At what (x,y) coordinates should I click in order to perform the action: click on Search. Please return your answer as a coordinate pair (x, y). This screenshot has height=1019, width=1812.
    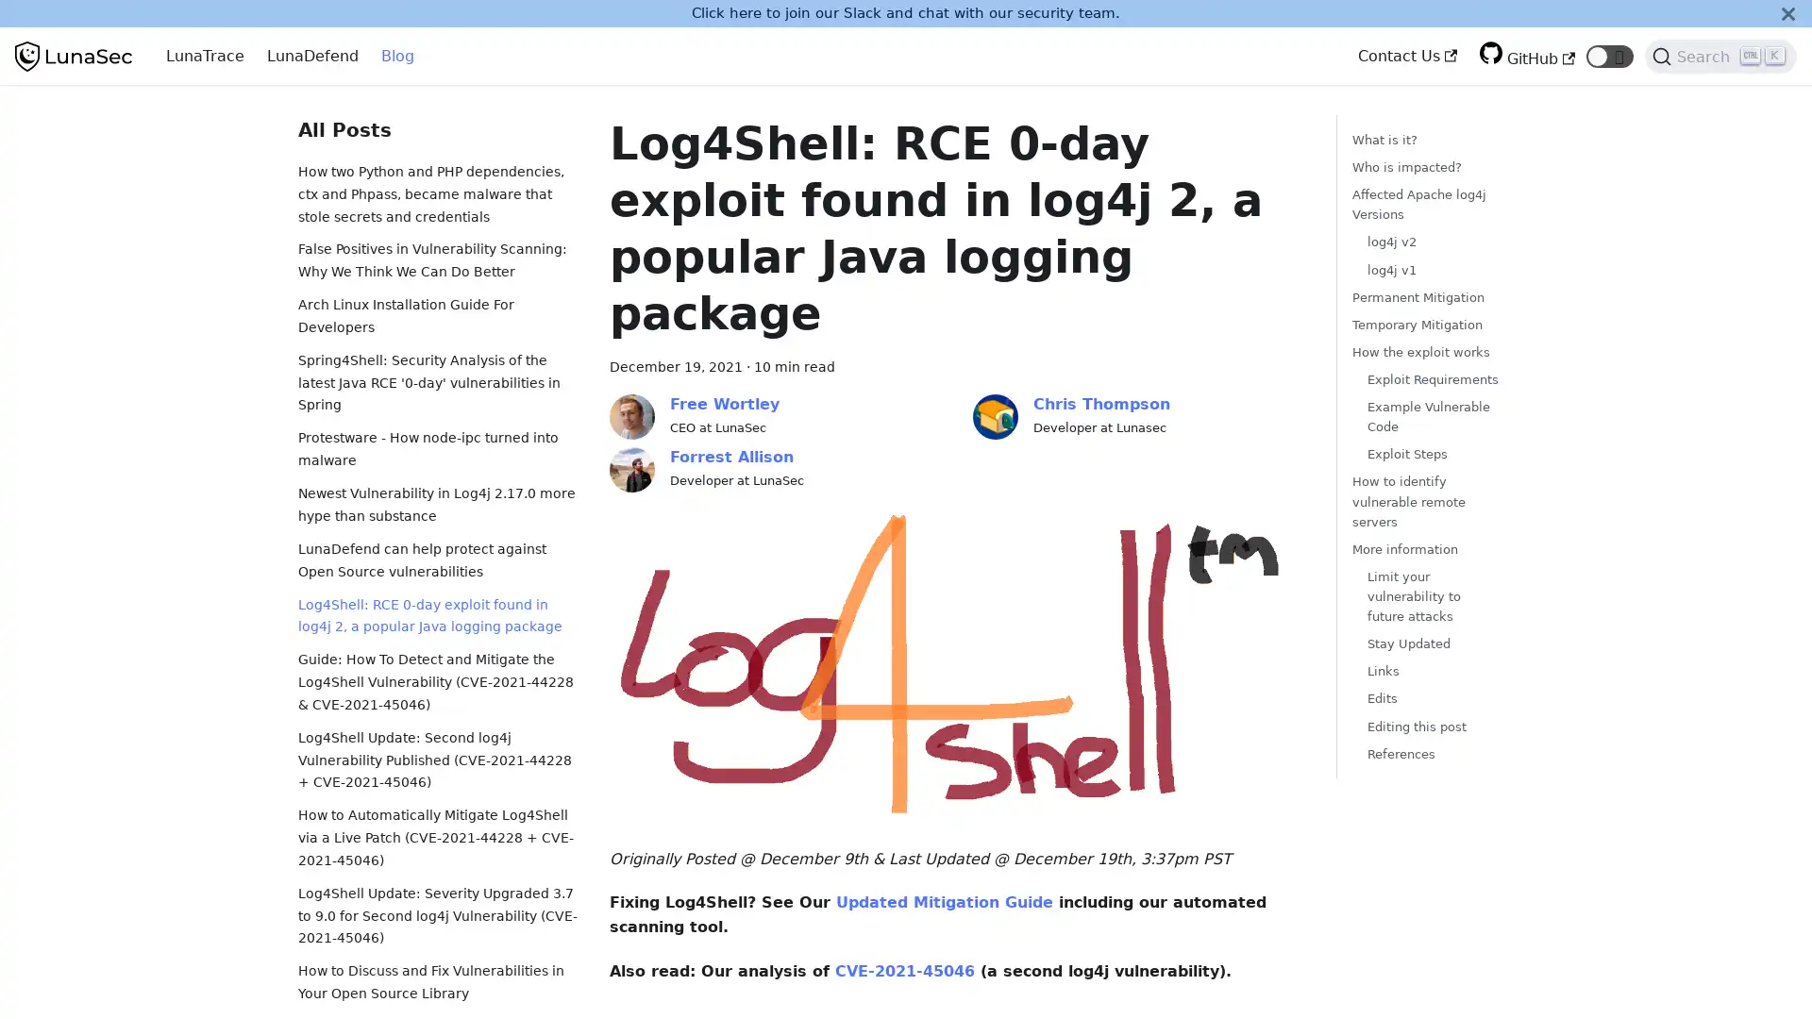
    Looking at the image, I should click on (1720, 56).